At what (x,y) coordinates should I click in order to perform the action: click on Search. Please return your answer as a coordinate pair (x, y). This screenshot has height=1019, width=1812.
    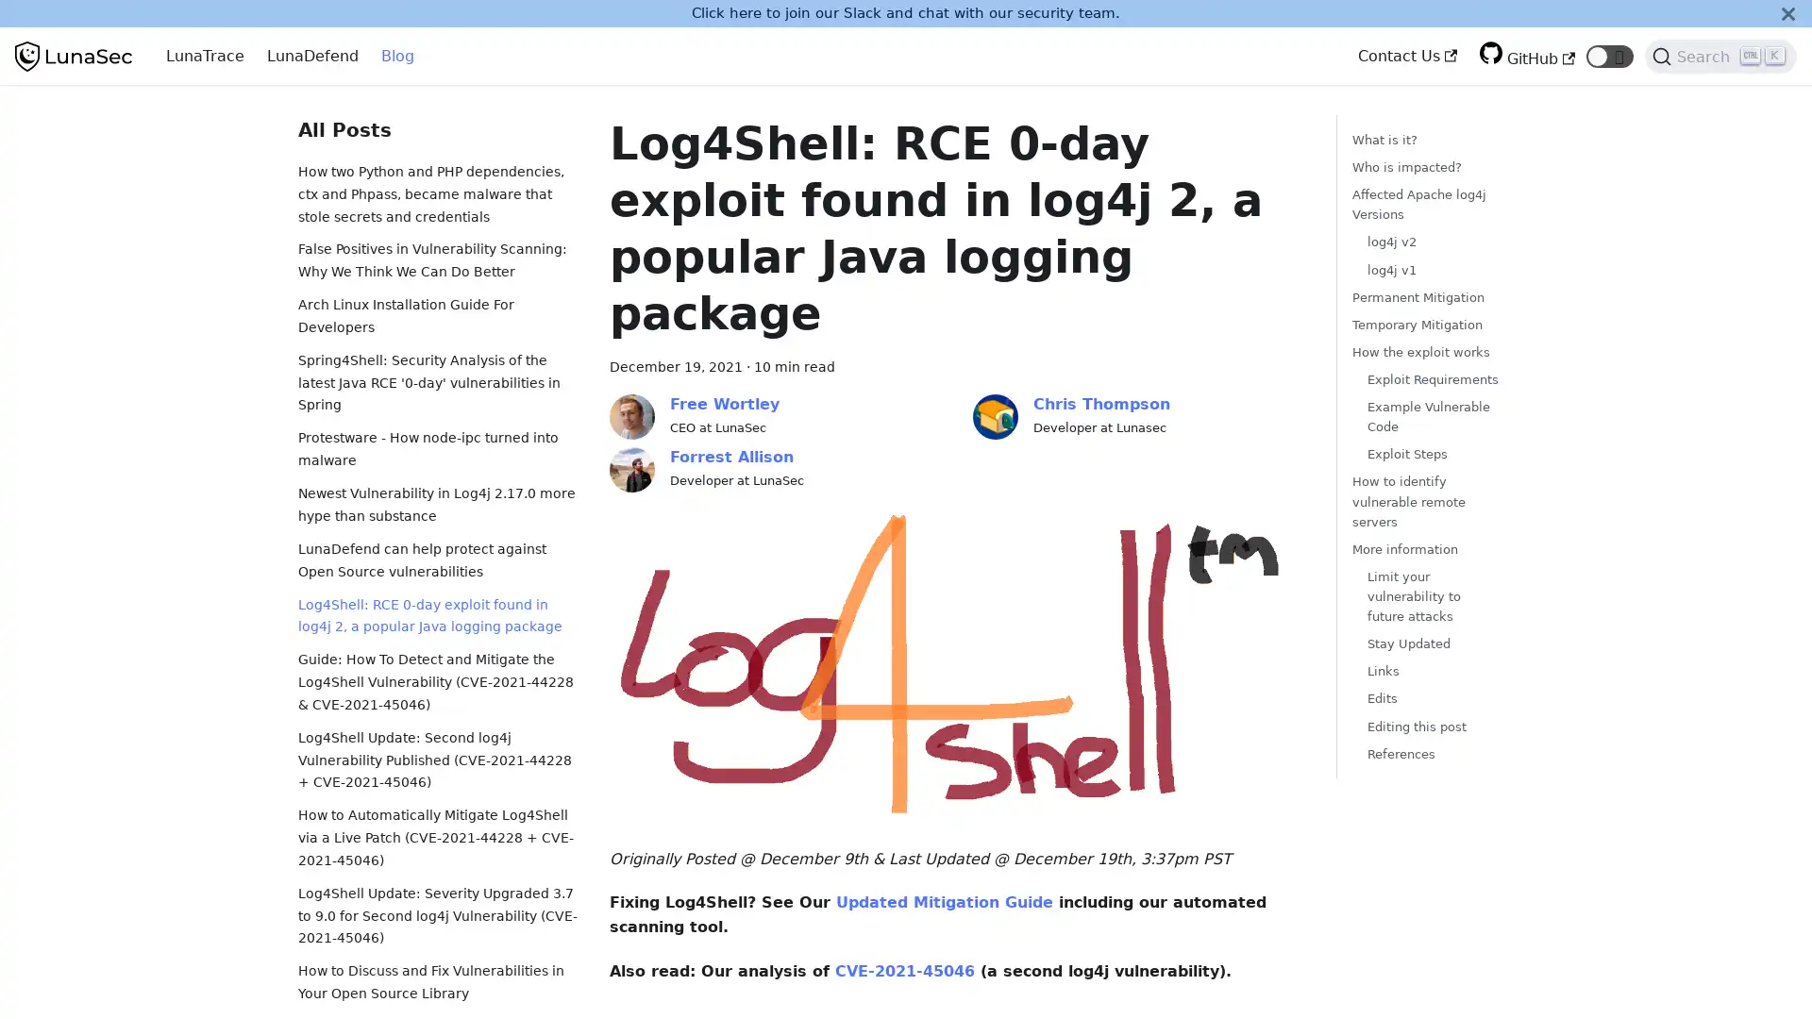
    Looking at the image, I should click on (1720, 56).